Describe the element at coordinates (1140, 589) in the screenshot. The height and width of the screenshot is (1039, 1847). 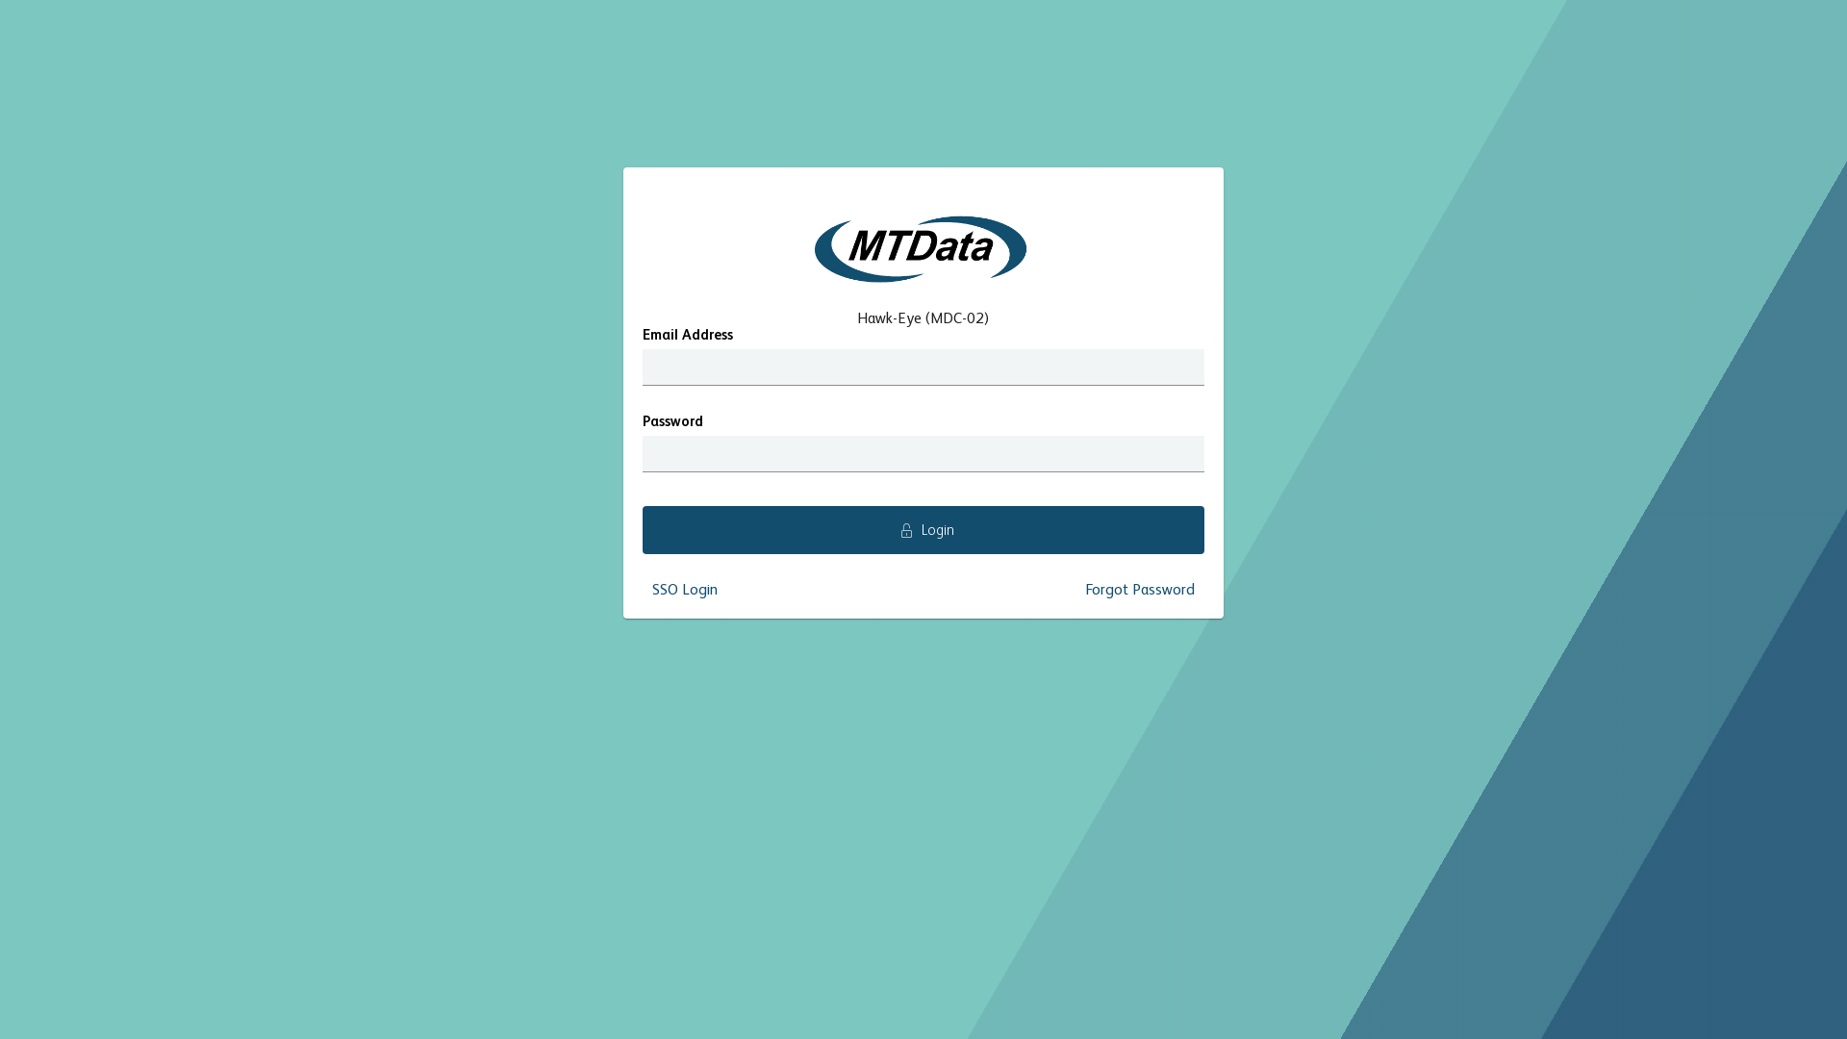
I see `'Forgot Password'` at that location.